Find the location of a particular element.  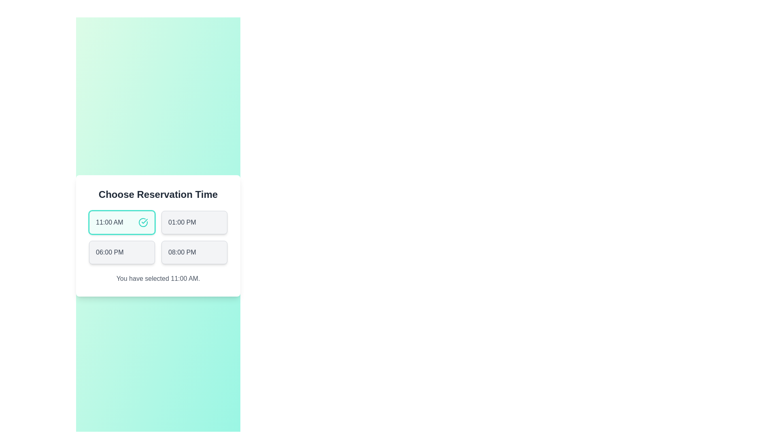

the Text Label displaying '06:00 PM' located in the bottom-left button of the reservation time selection grid is located at coordinates (109, 252).